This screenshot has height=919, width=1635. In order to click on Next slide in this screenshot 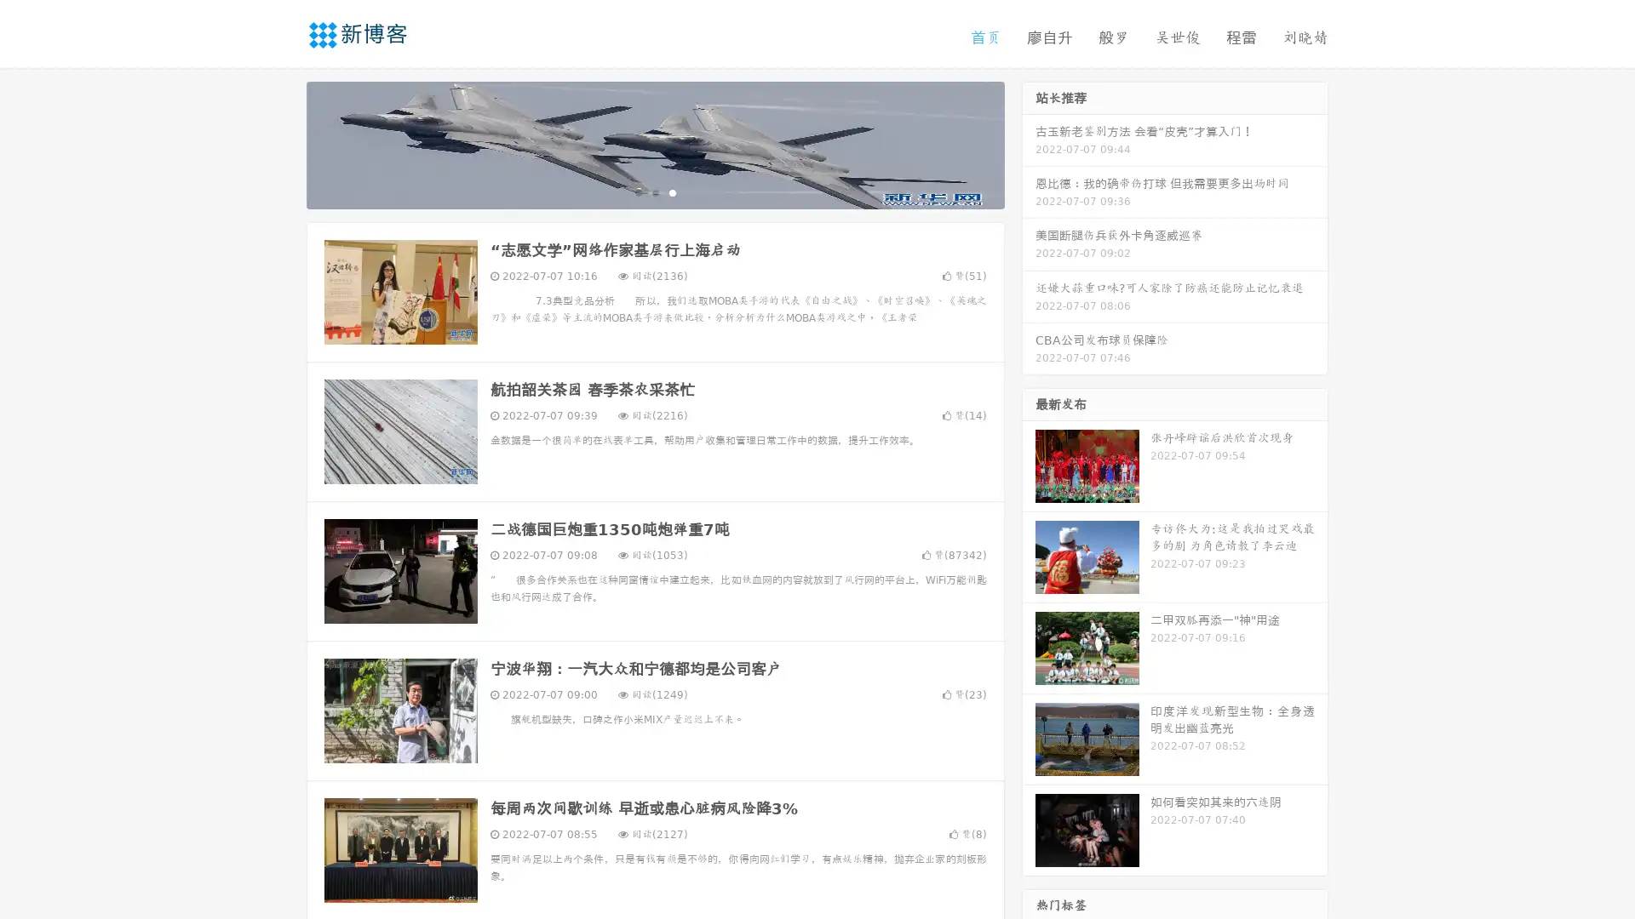, I will do `click(1029, 143)`.